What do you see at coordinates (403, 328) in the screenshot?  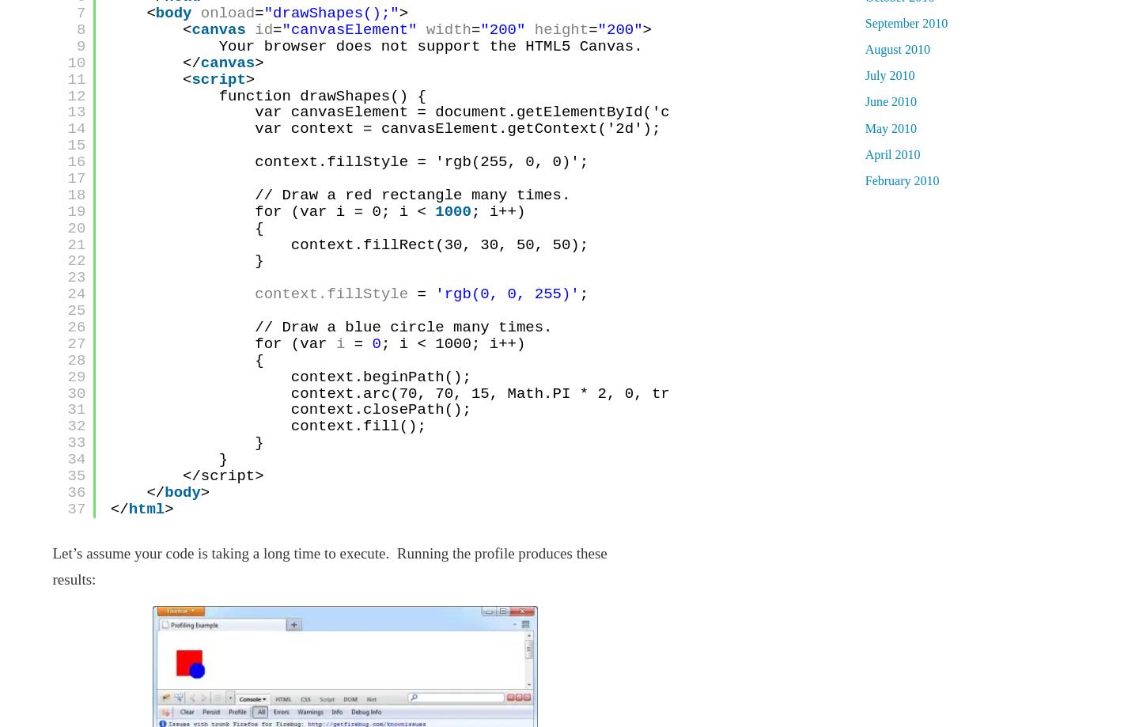 I see `'// Draw a blue circle many times.'` at bounding box center [403, 328].